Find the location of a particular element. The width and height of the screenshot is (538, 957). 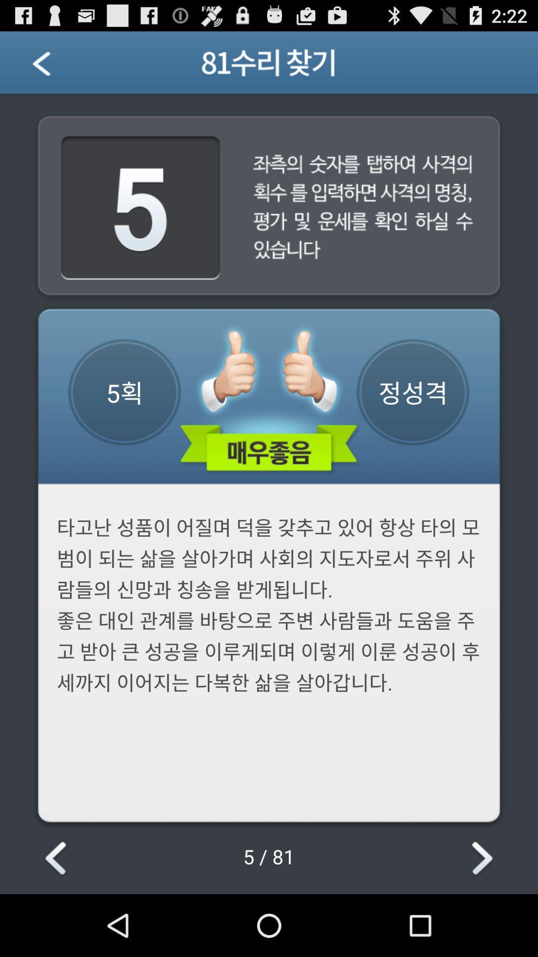

the image which consists of green color information is located at coordinates (269, 400).